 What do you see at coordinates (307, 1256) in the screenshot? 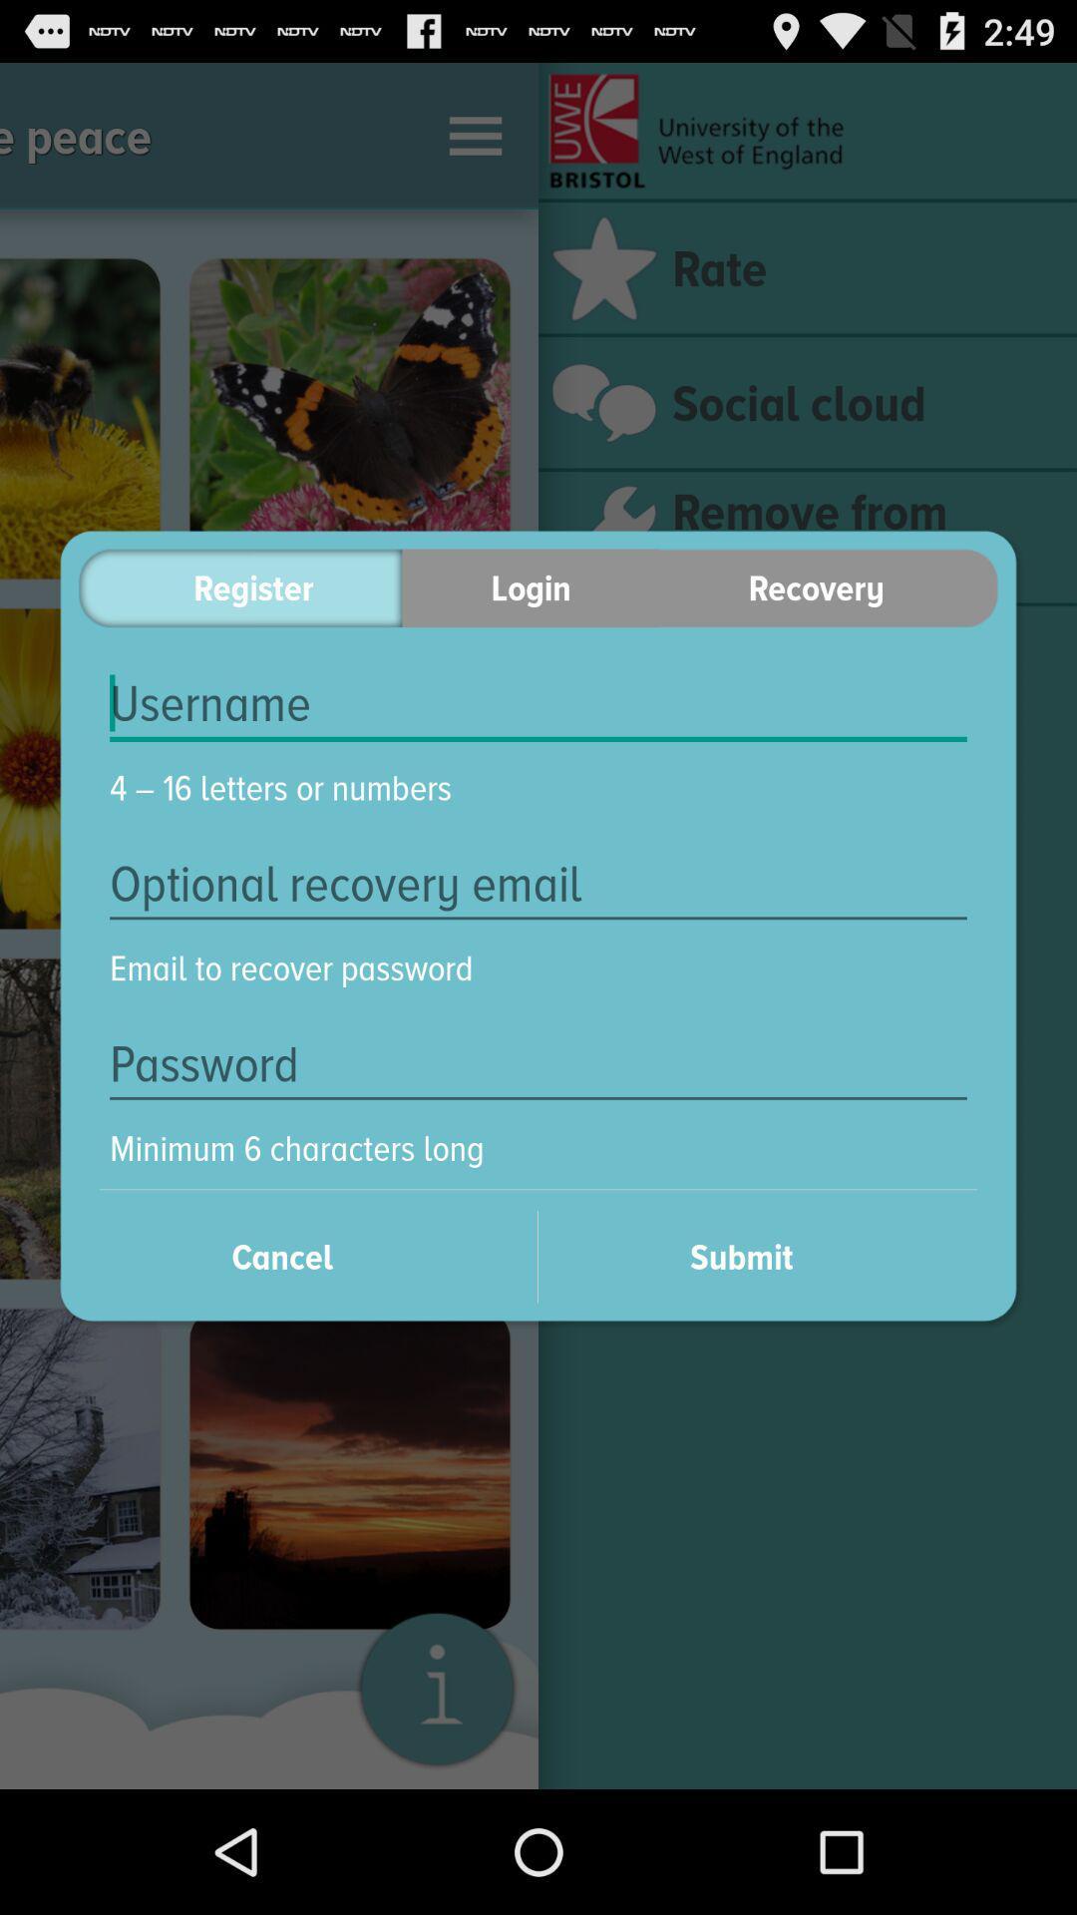
I see `the cancel item` at bounding box center [307, 1256].